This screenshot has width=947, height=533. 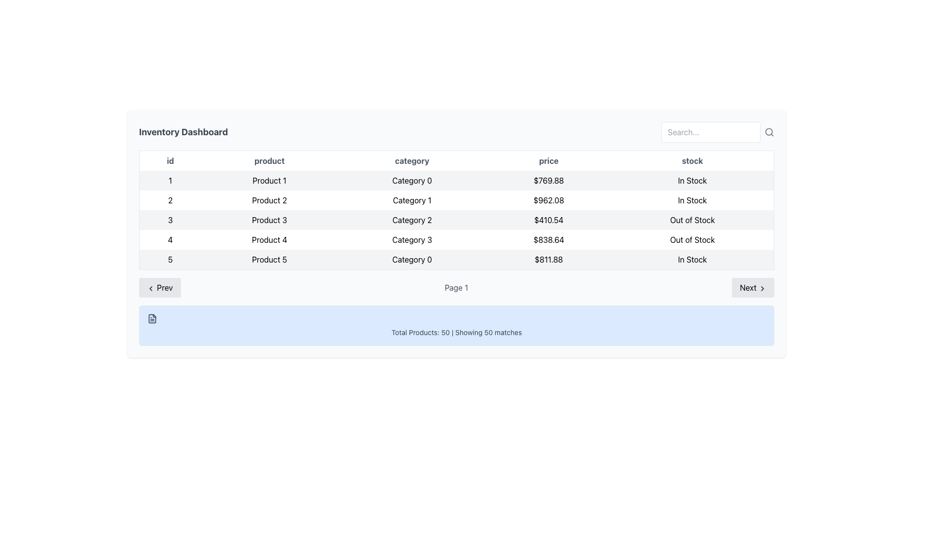 What do you see at coordinates (456, 240) in the screenshot?
I see `the fourth row in the 'Inventory Dashboard' table, which displays product information including ID, name, category, price, and stock status` at bounding box center [456, 240].